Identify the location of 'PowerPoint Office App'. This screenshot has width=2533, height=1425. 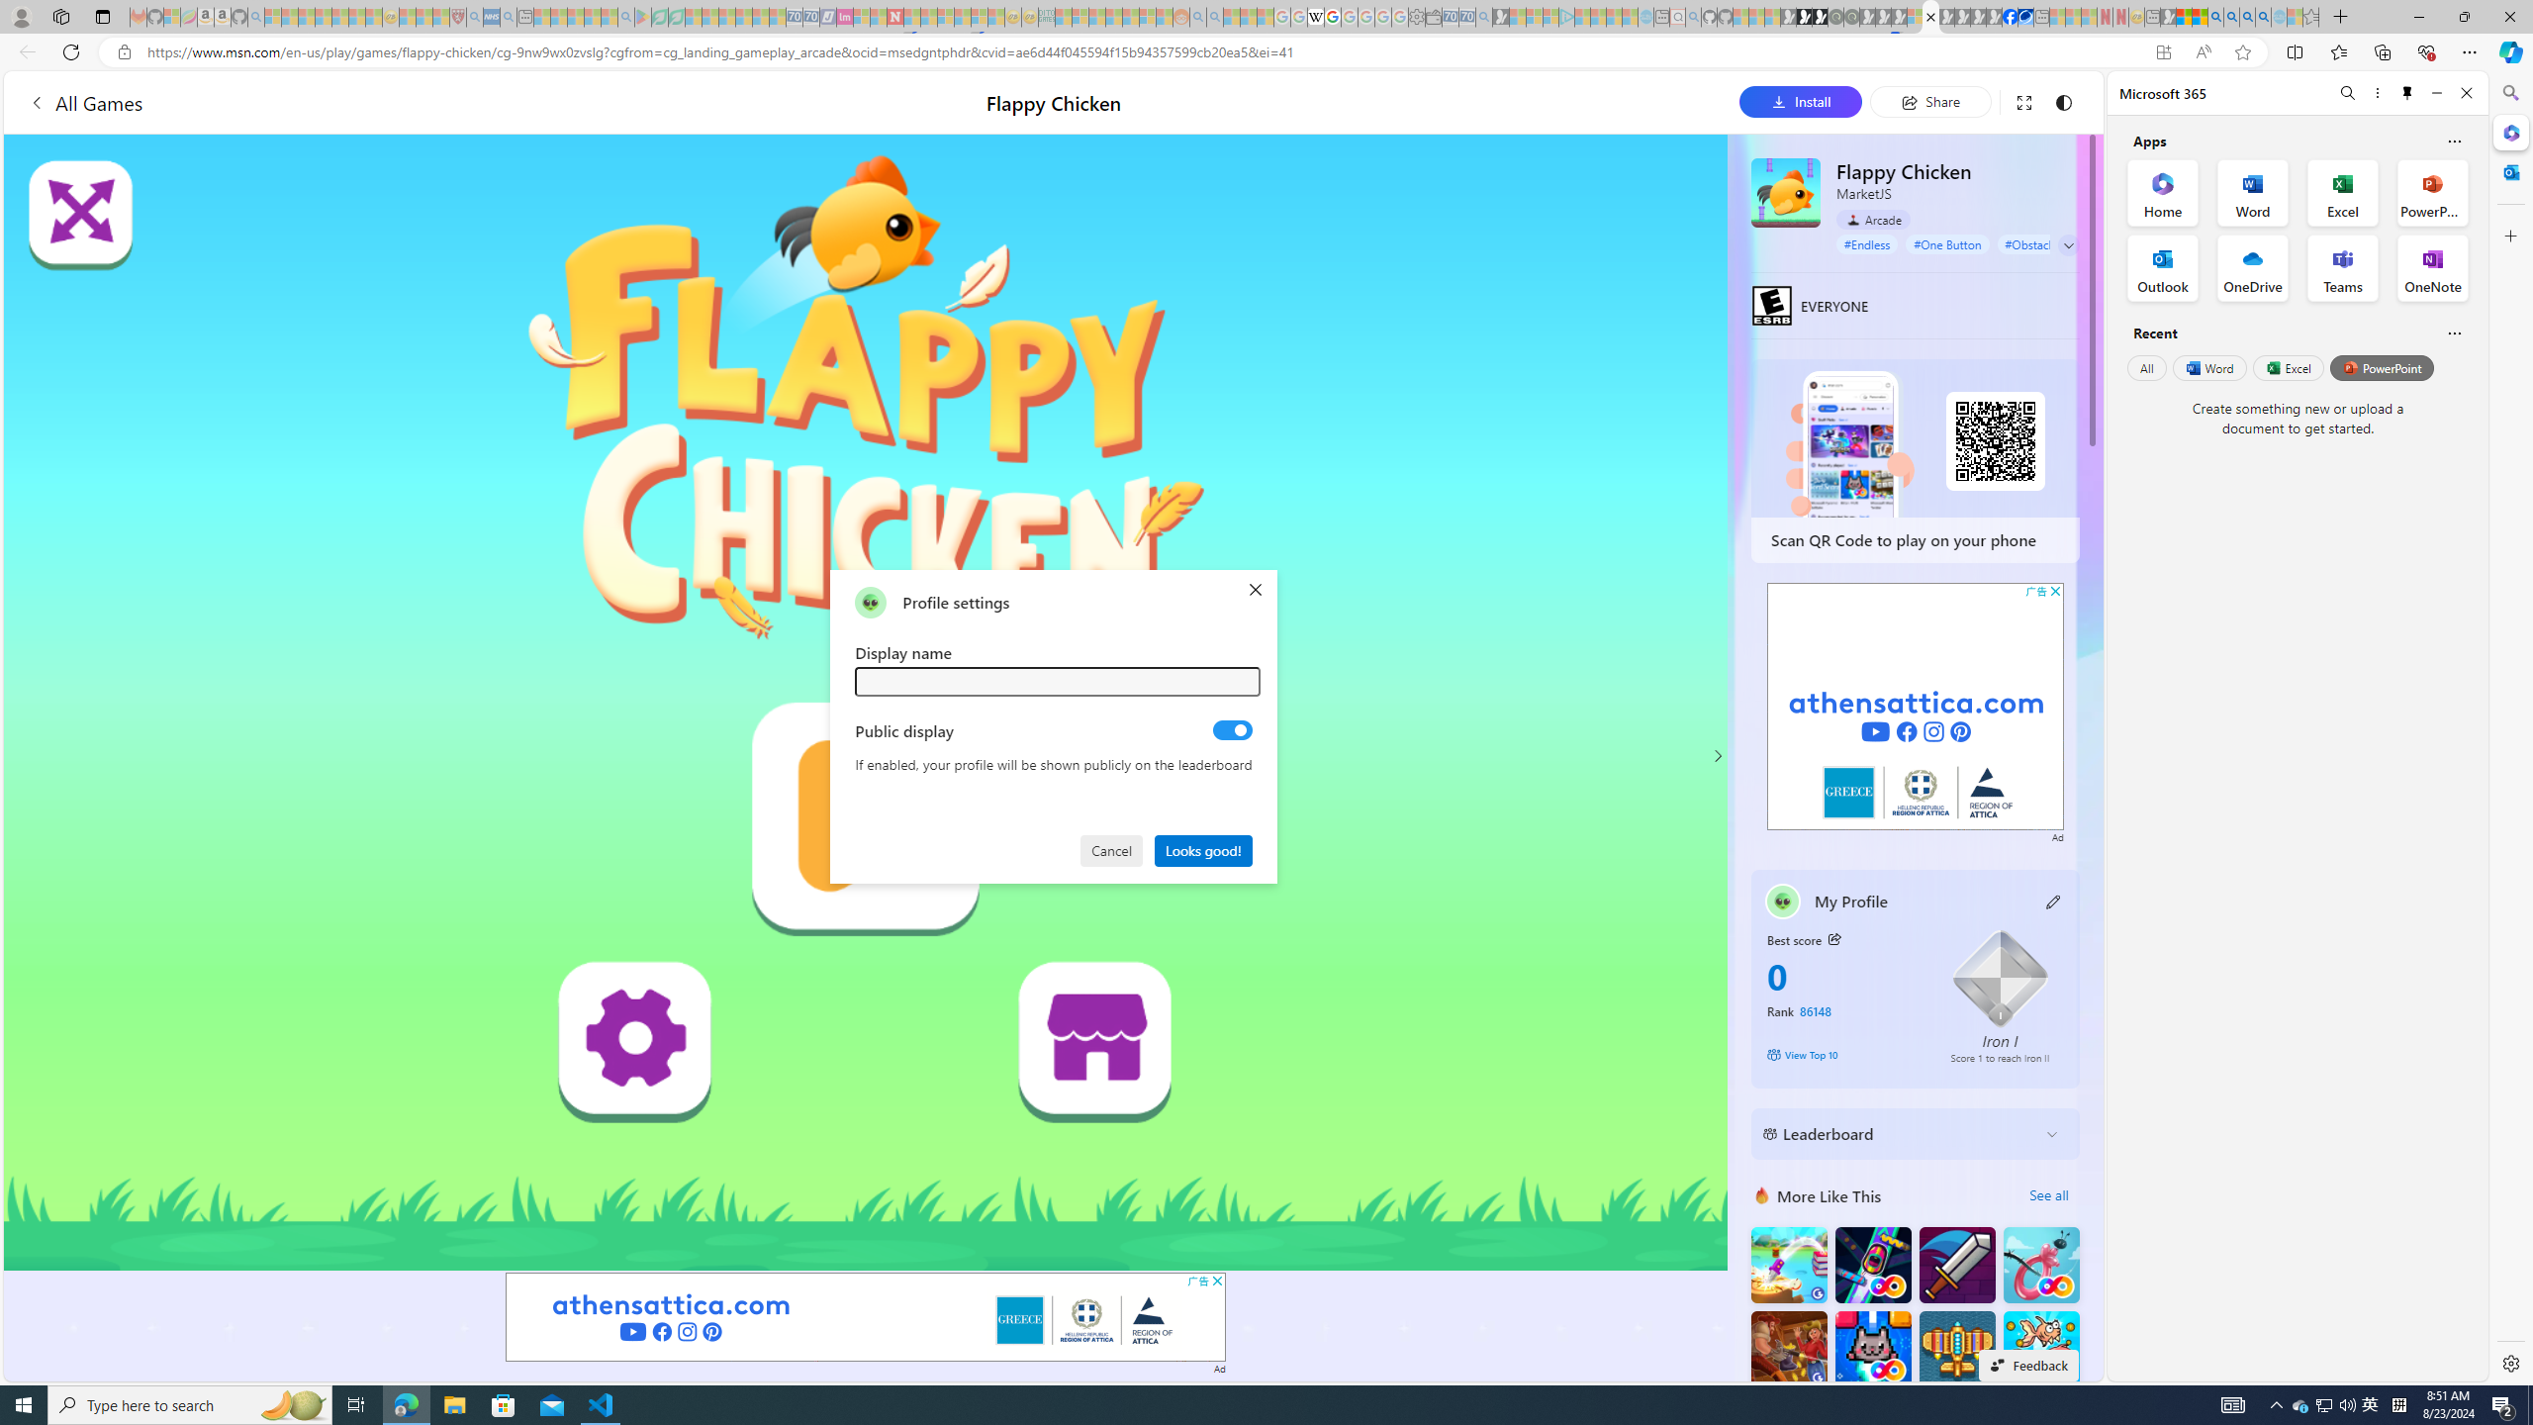
(2432, 193).